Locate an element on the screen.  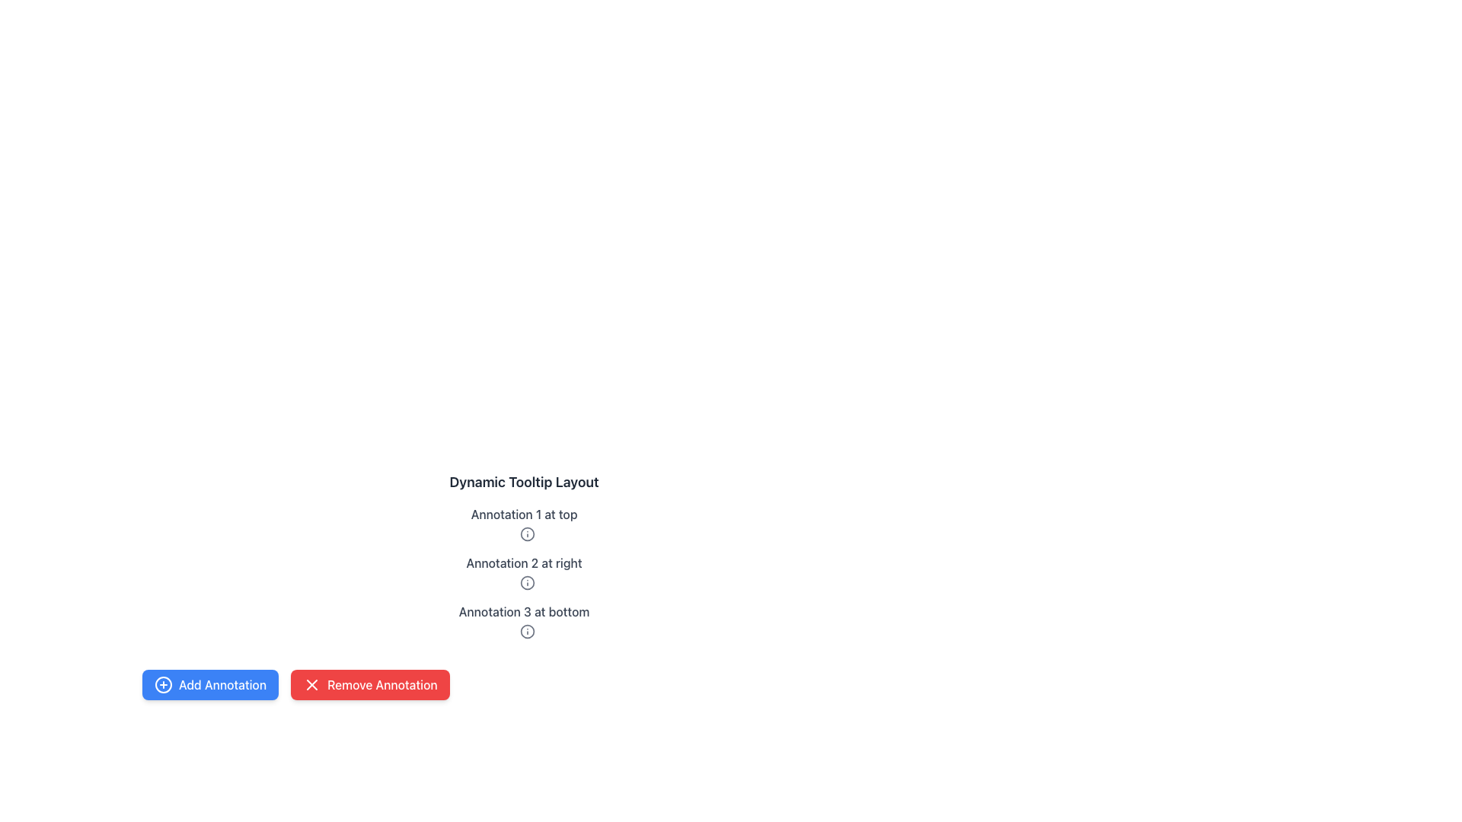
the small cross-shaped icon indicating a closing action, located slightly to the left of the 'Remove Annotation' red button in the bottom-right section of the interface is located at coordinates (311, 683).